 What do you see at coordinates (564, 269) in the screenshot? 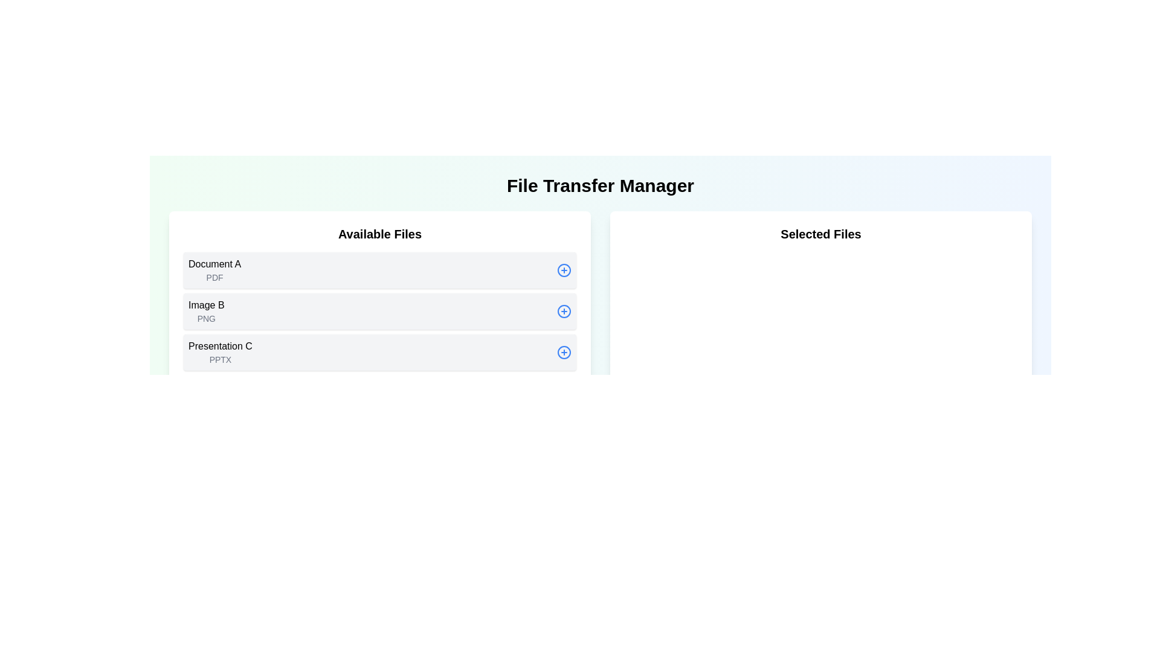
I see `the circular button with a blue outline and a blue plus symbol (+)` at bounding box center [564, 269].